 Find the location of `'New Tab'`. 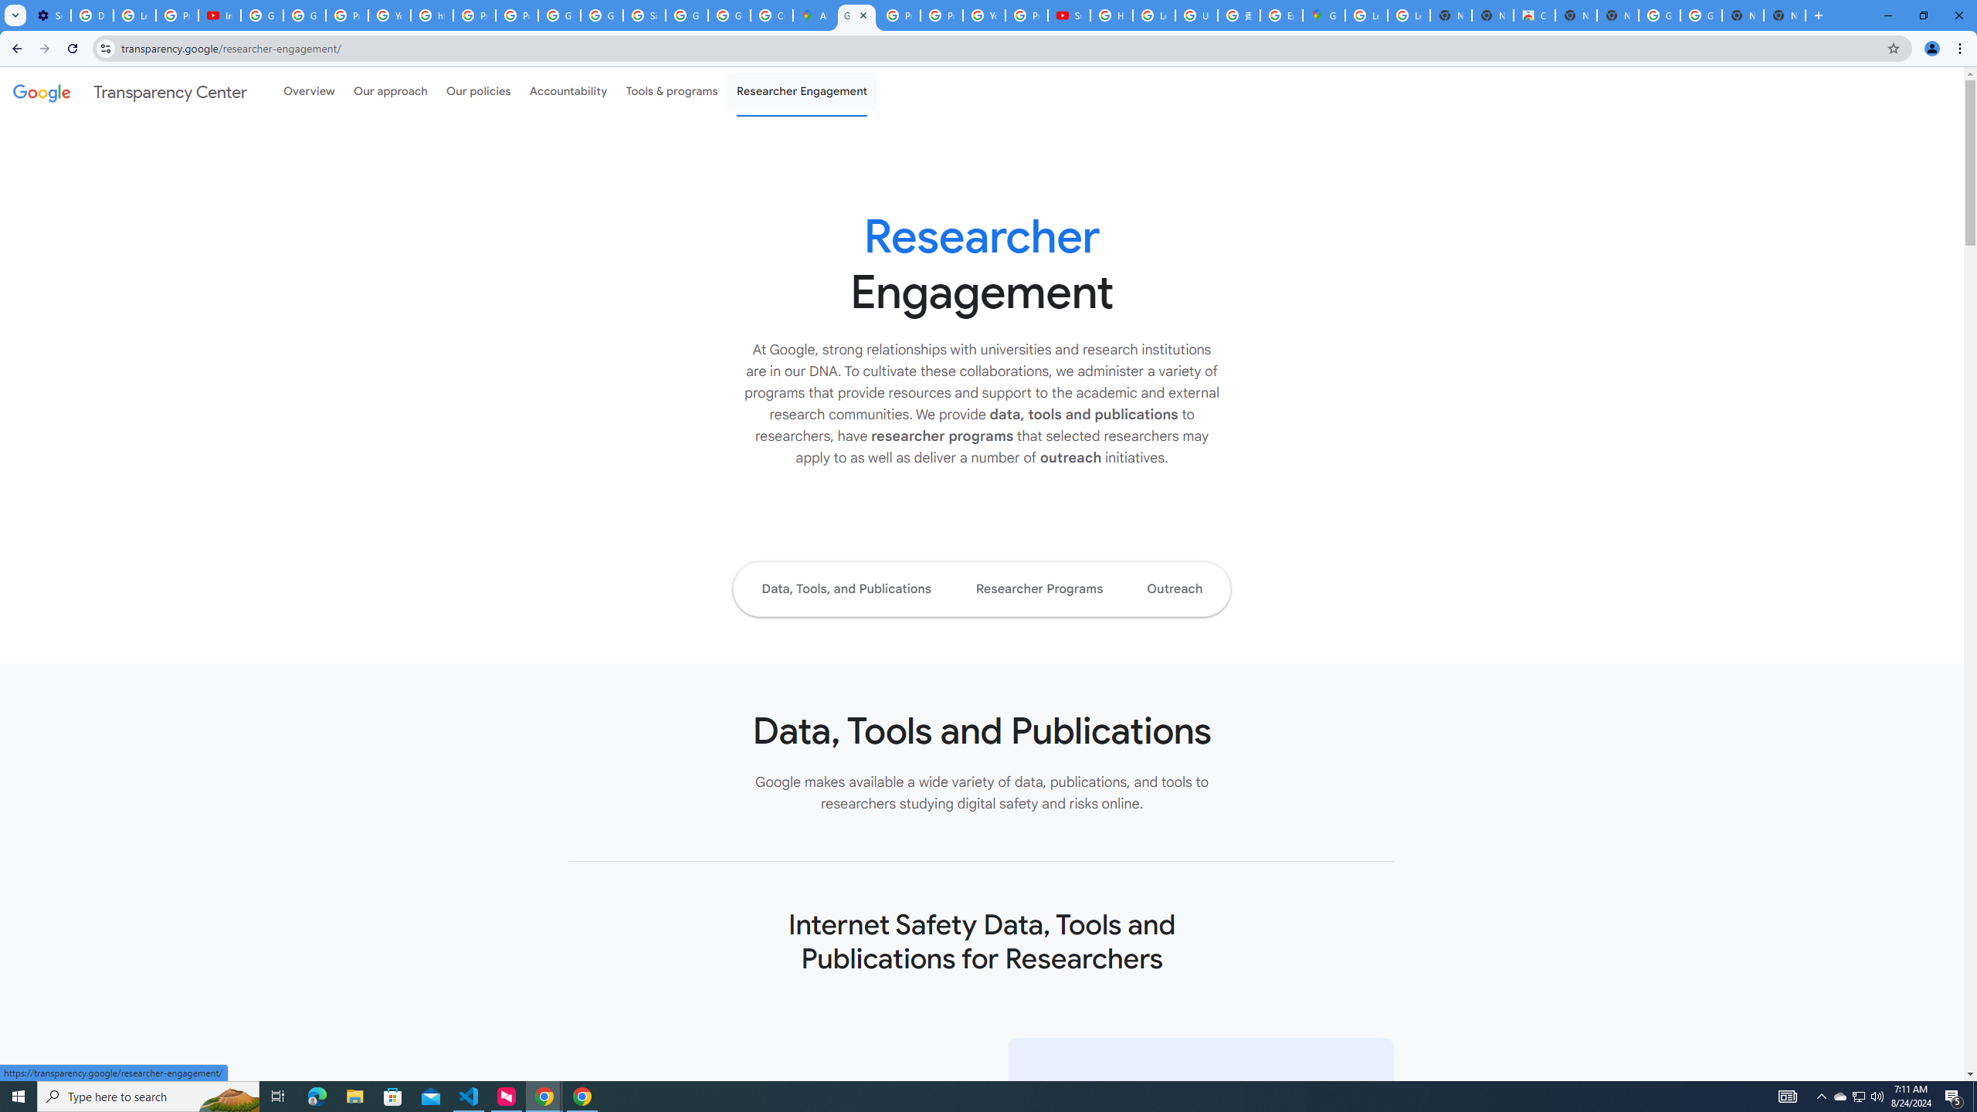

'New Tab' is located at coordinates (1785, 15).